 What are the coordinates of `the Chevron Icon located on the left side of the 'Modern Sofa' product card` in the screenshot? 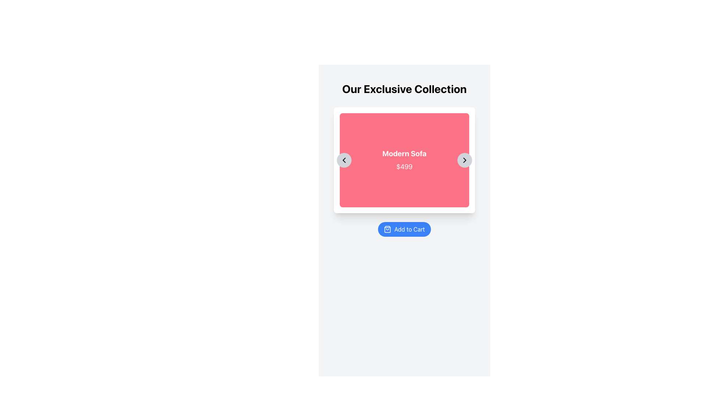 It's located at (344, 160).